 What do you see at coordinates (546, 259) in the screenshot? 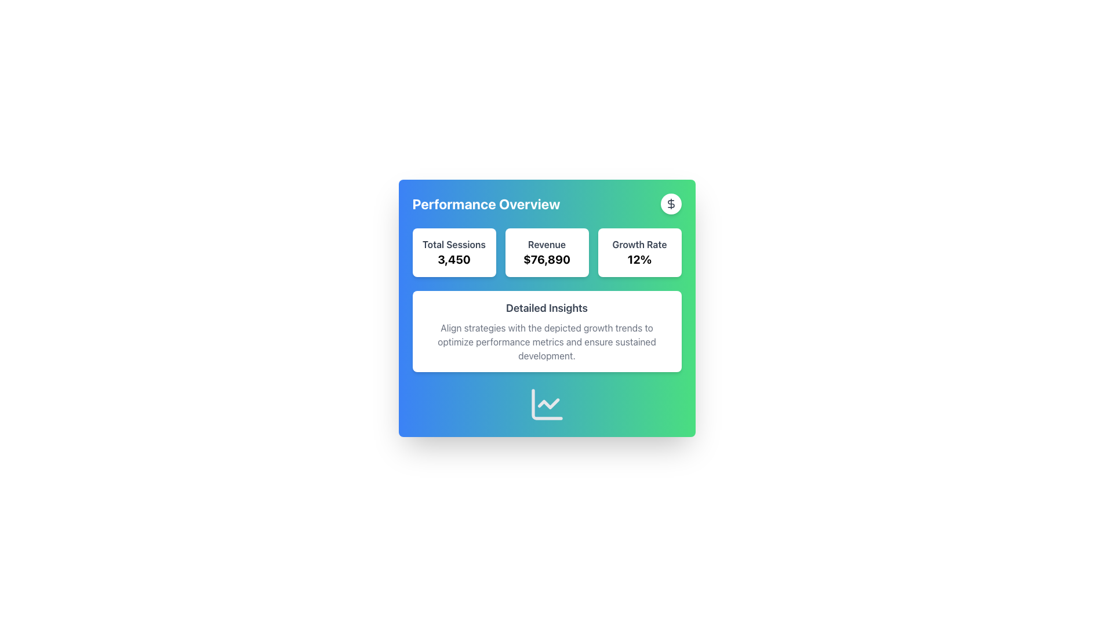
I see `the label displaying '$76,890' which is styled in bold black font and located below the 'Revenue' heading inside a white rounded rectangular block` at bounding box center [546, 259].